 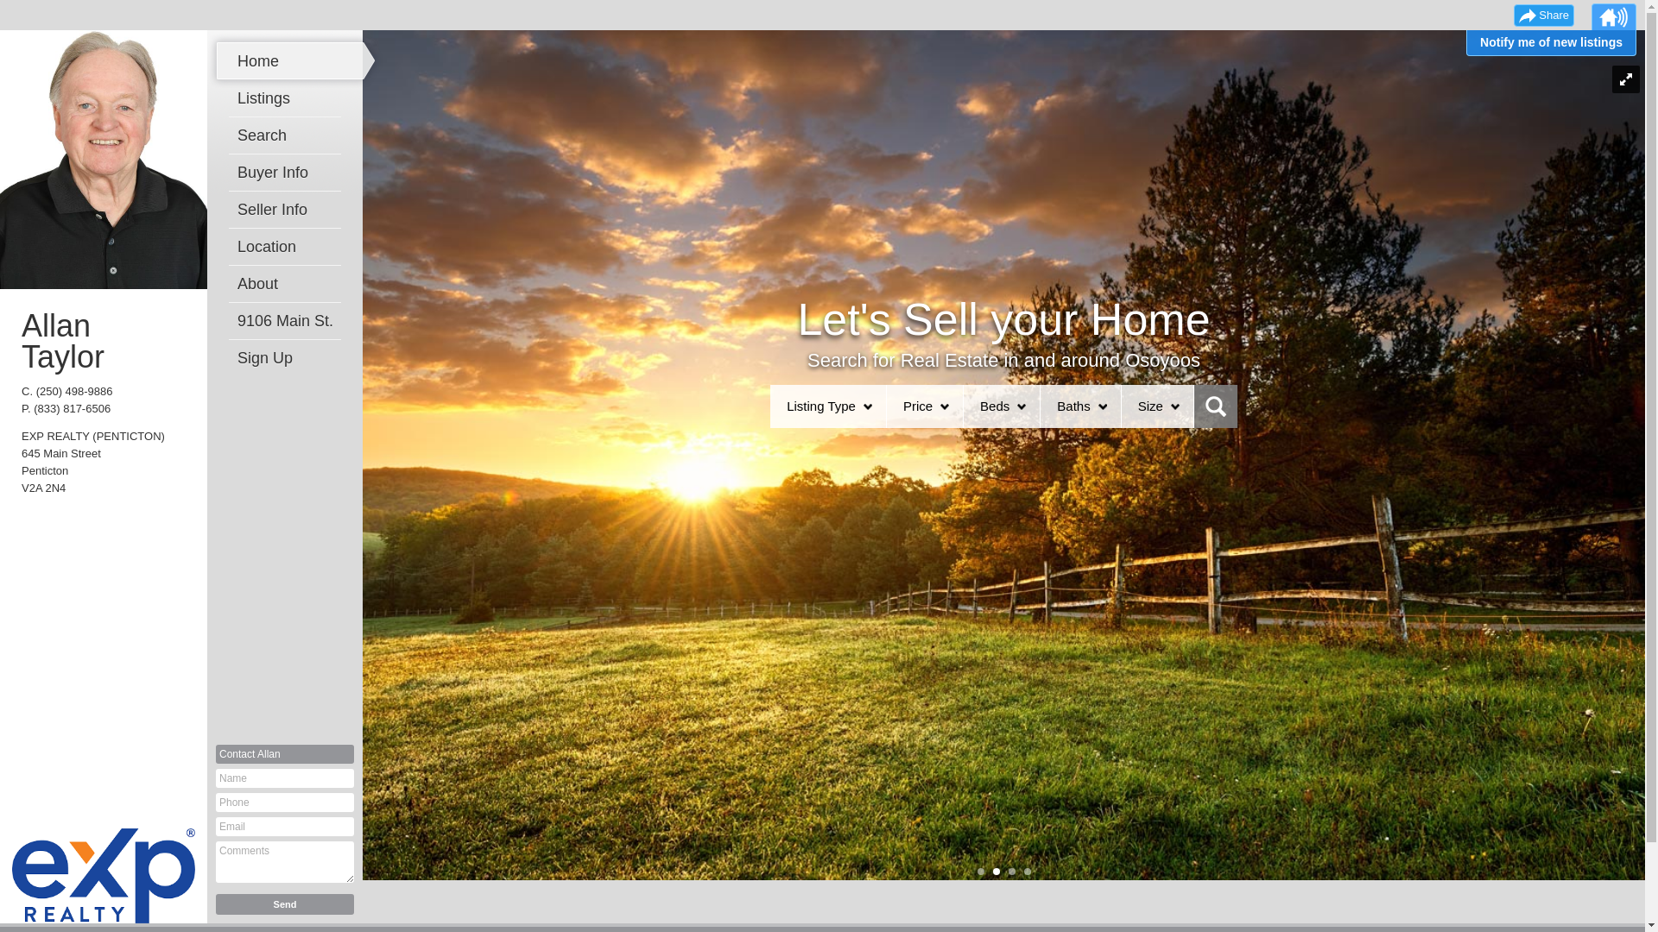 I want to click on 'Beds', so click(x=995, y=406).